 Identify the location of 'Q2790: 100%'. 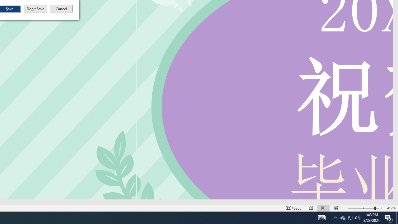
(350, 217).